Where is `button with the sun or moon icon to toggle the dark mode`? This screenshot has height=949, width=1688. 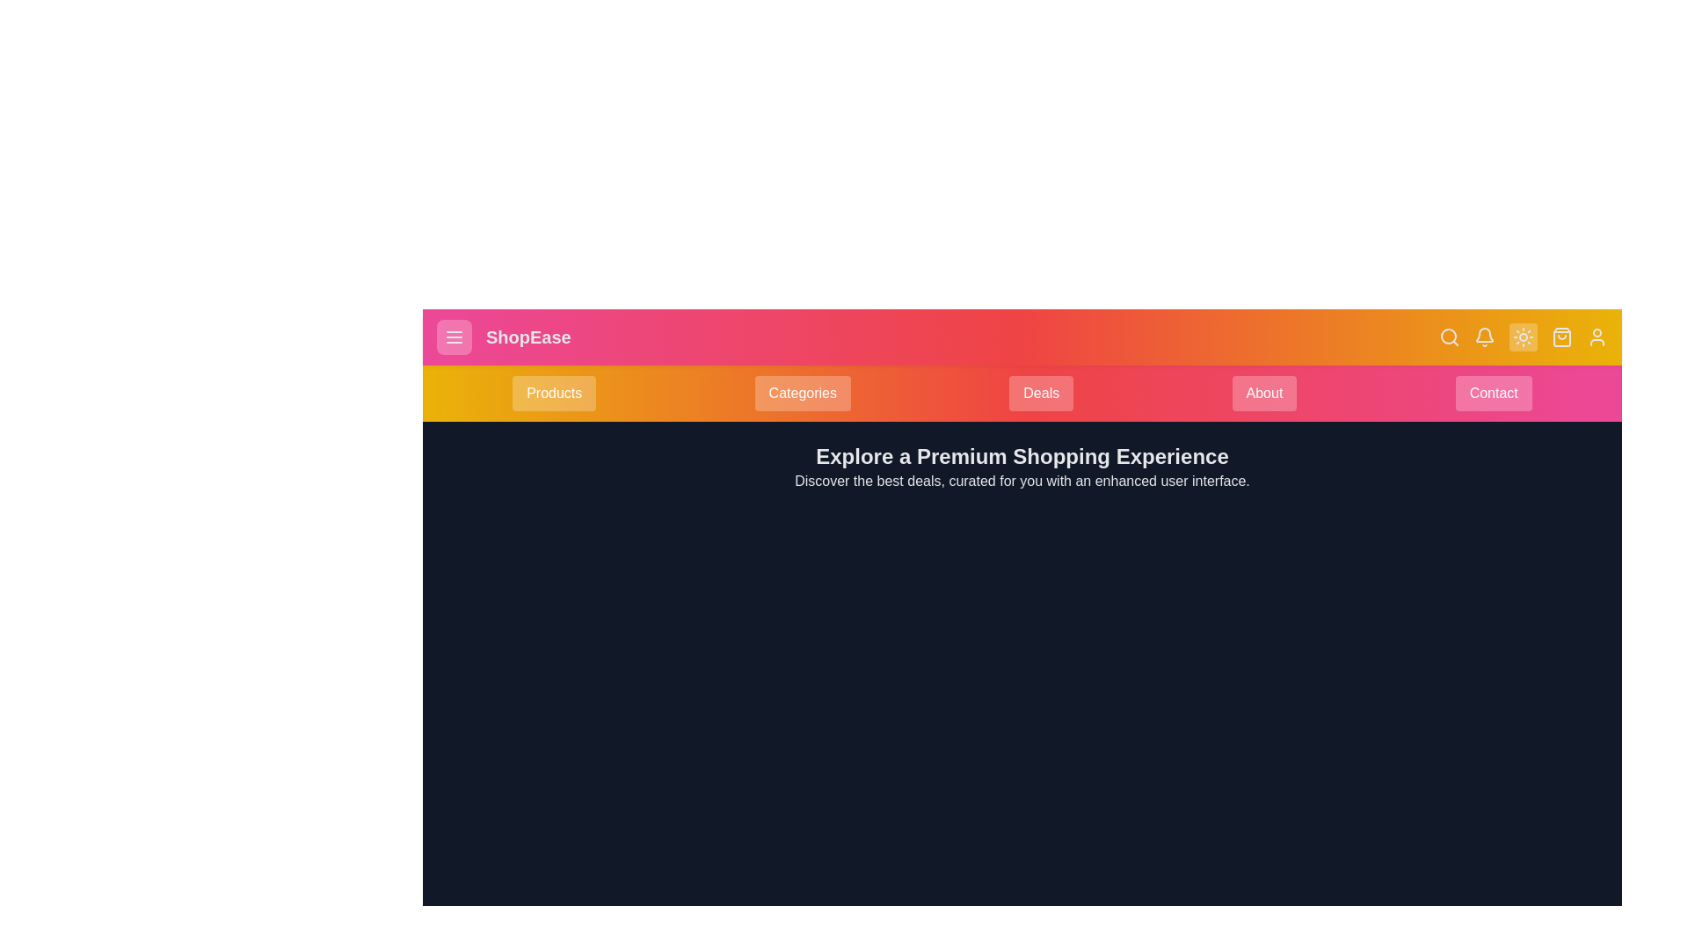
button with the sun or moon icon to toggle the dark mode is located at coordinates (1522, 337).